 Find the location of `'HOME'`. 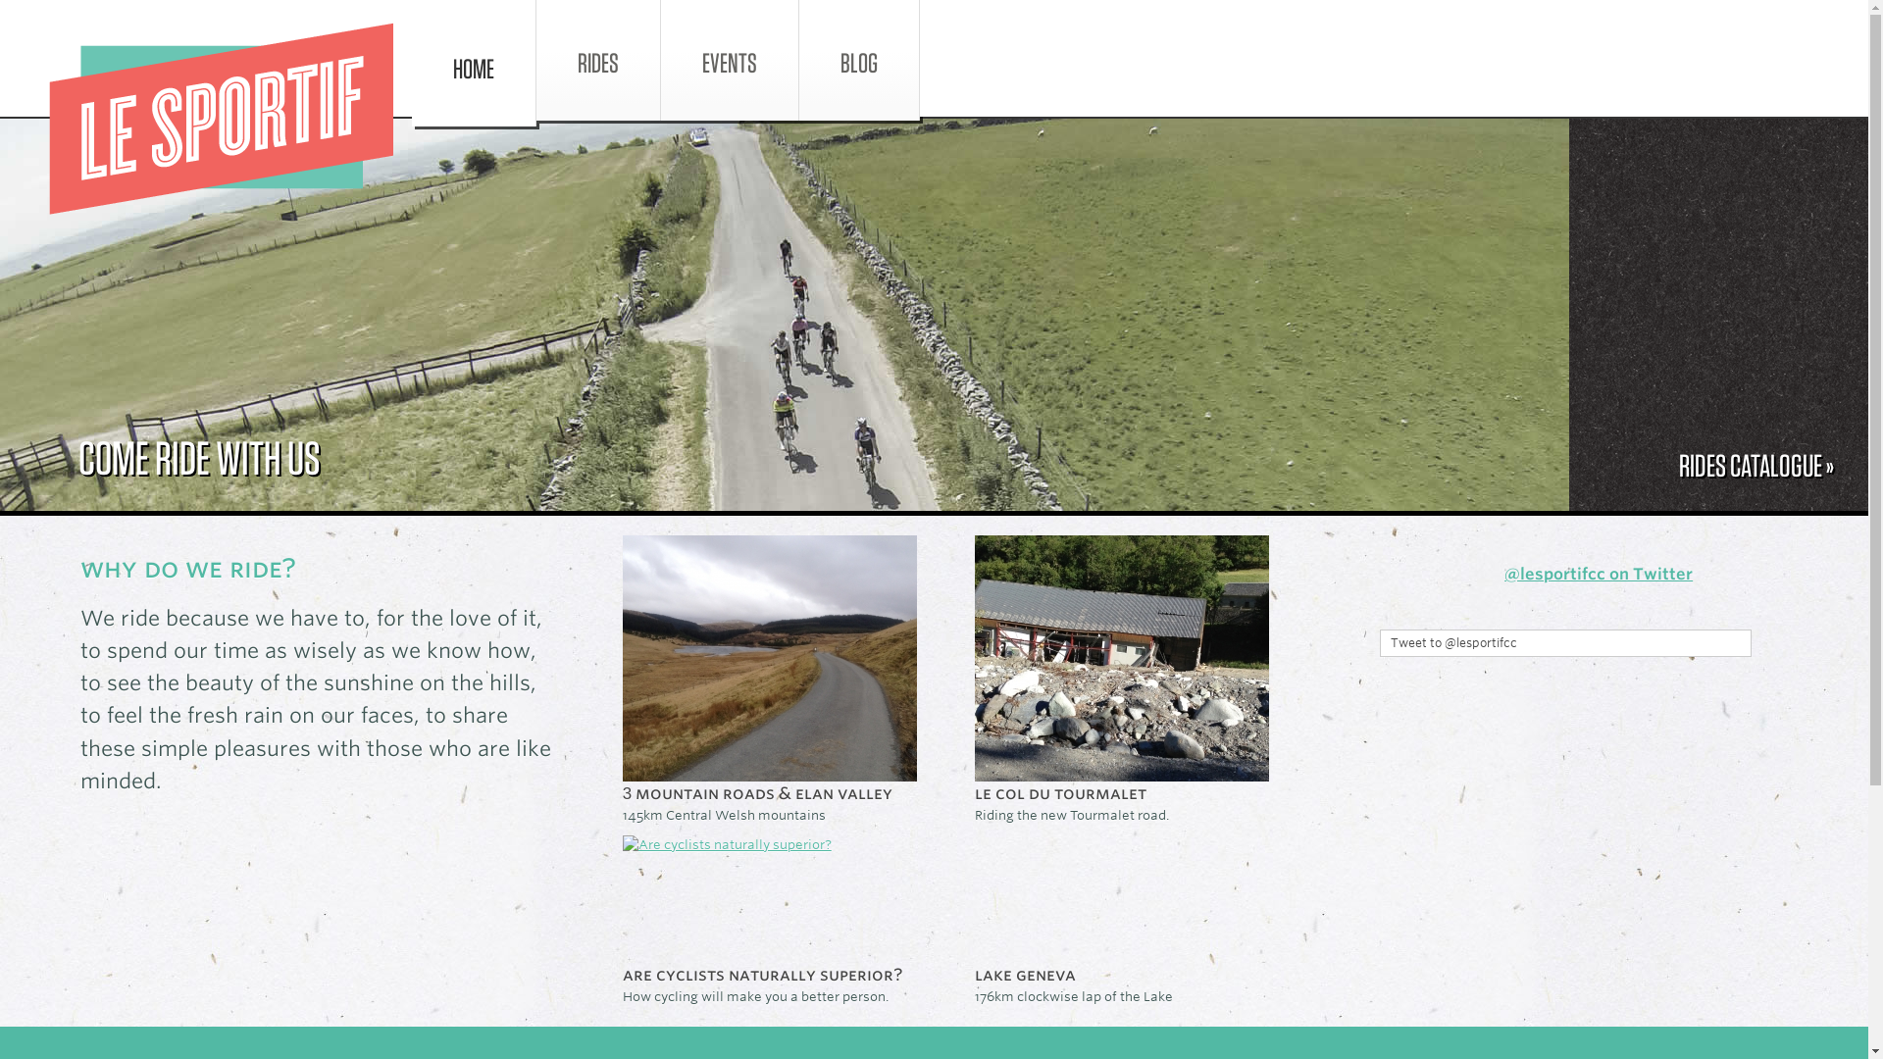

'HOME' is located at coordinates (474, 62).